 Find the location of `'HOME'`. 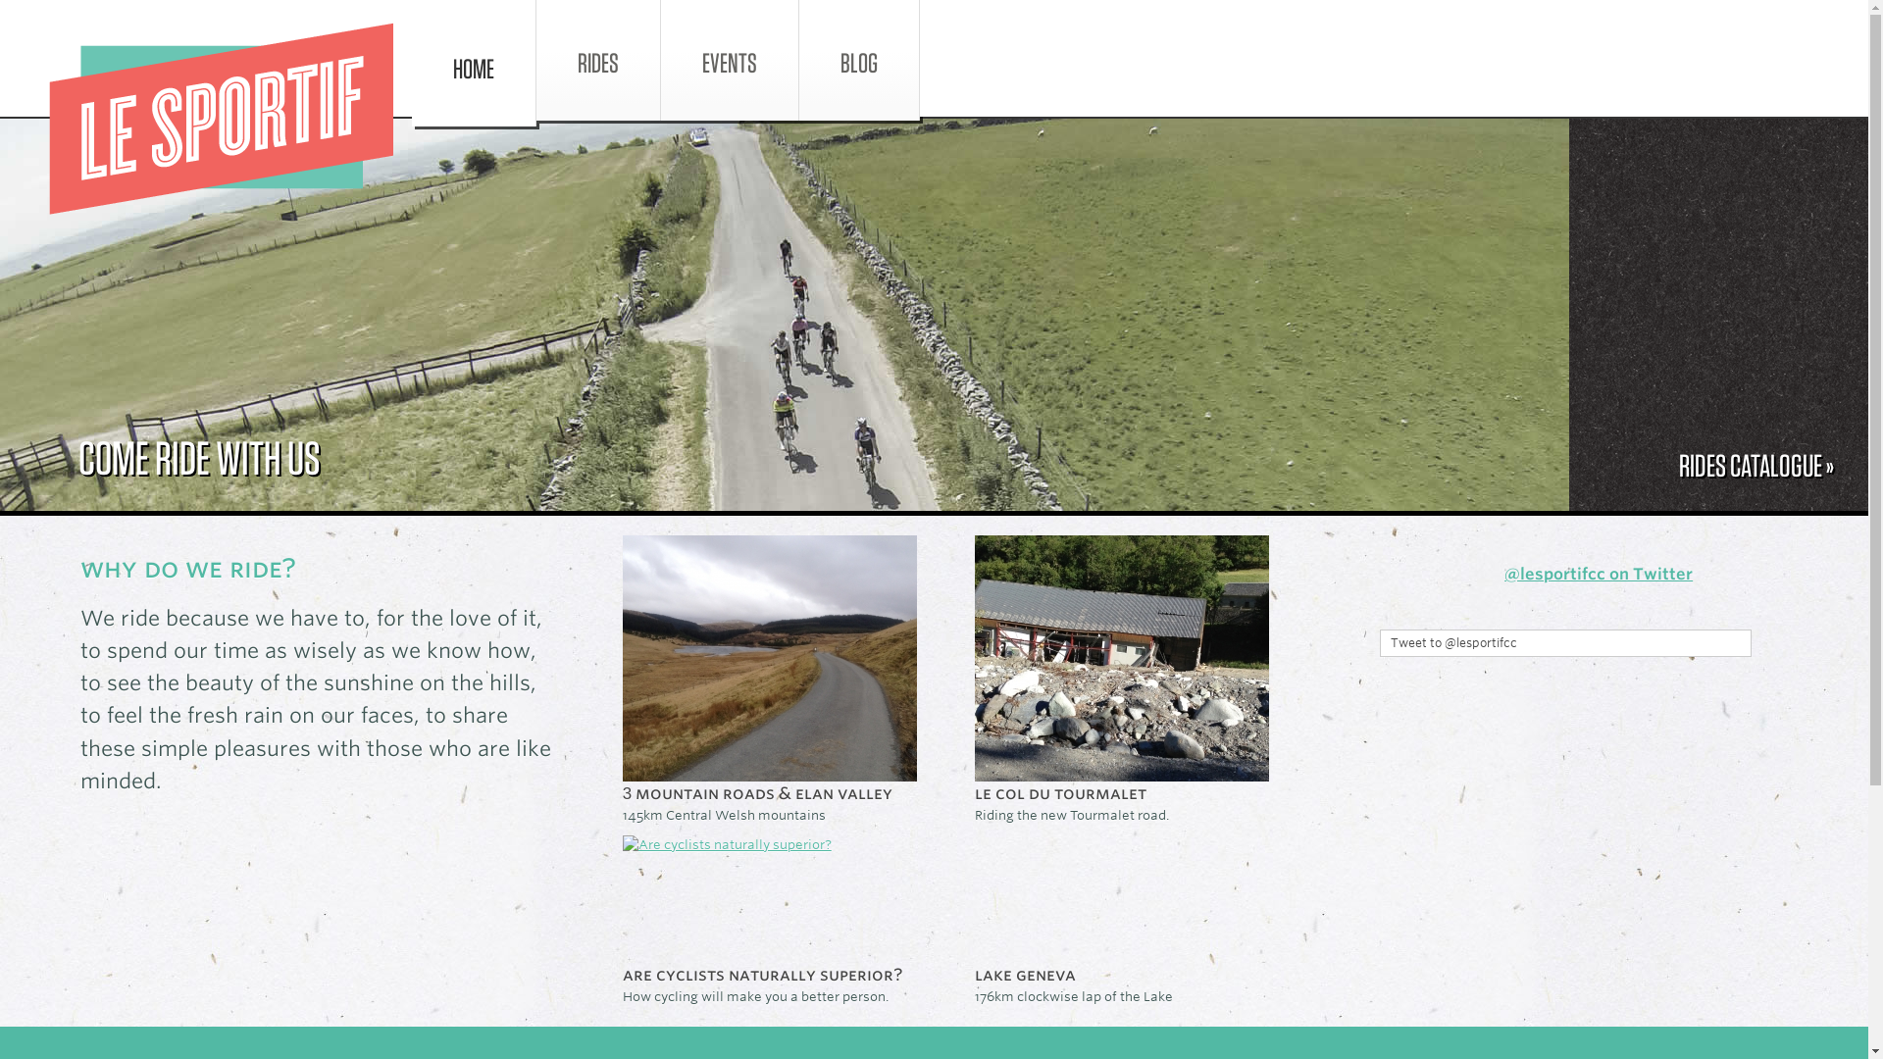

'HOME' is located at coordinates (474, 62).